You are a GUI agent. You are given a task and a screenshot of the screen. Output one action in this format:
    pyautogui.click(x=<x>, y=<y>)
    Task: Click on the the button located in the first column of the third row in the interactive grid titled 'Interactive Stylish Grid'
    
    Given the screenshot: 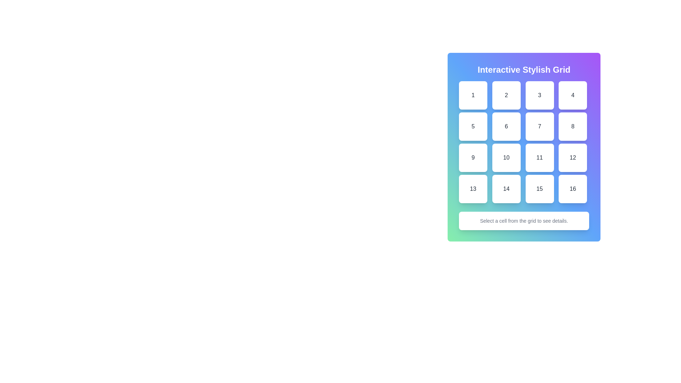 What is the action you would take?
    pyautogui.click(x=473, y=157)
    